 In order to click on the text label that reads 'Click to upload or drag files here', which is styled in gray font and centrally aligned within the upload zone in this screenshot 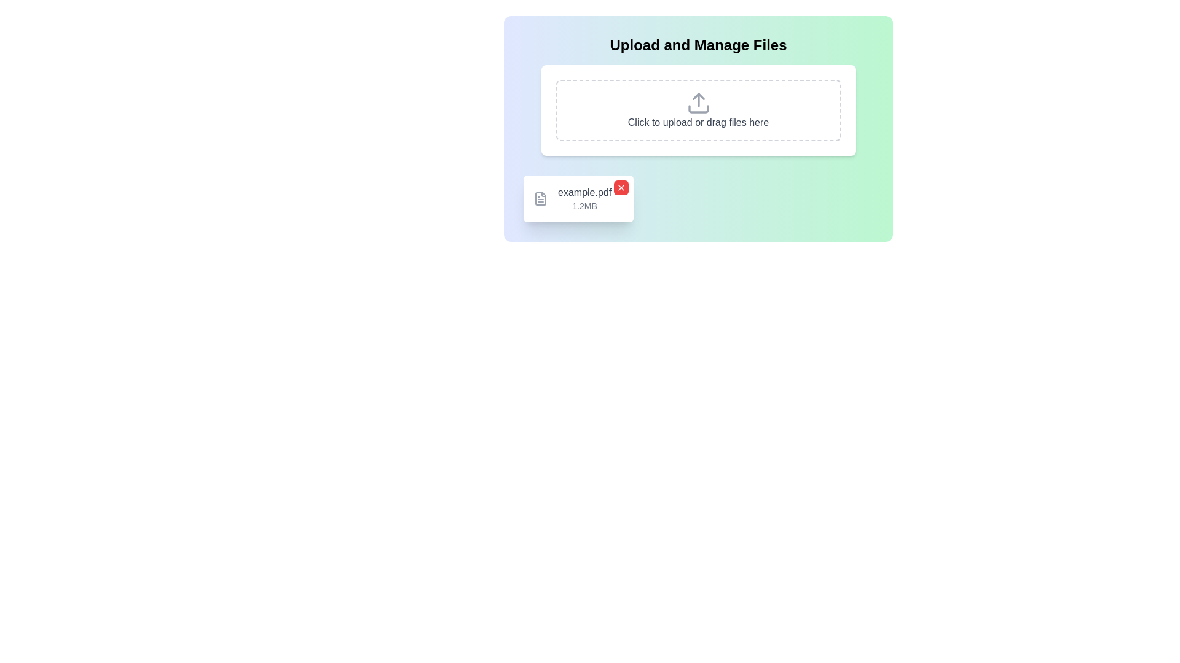, I will do `click(698, 122)`.